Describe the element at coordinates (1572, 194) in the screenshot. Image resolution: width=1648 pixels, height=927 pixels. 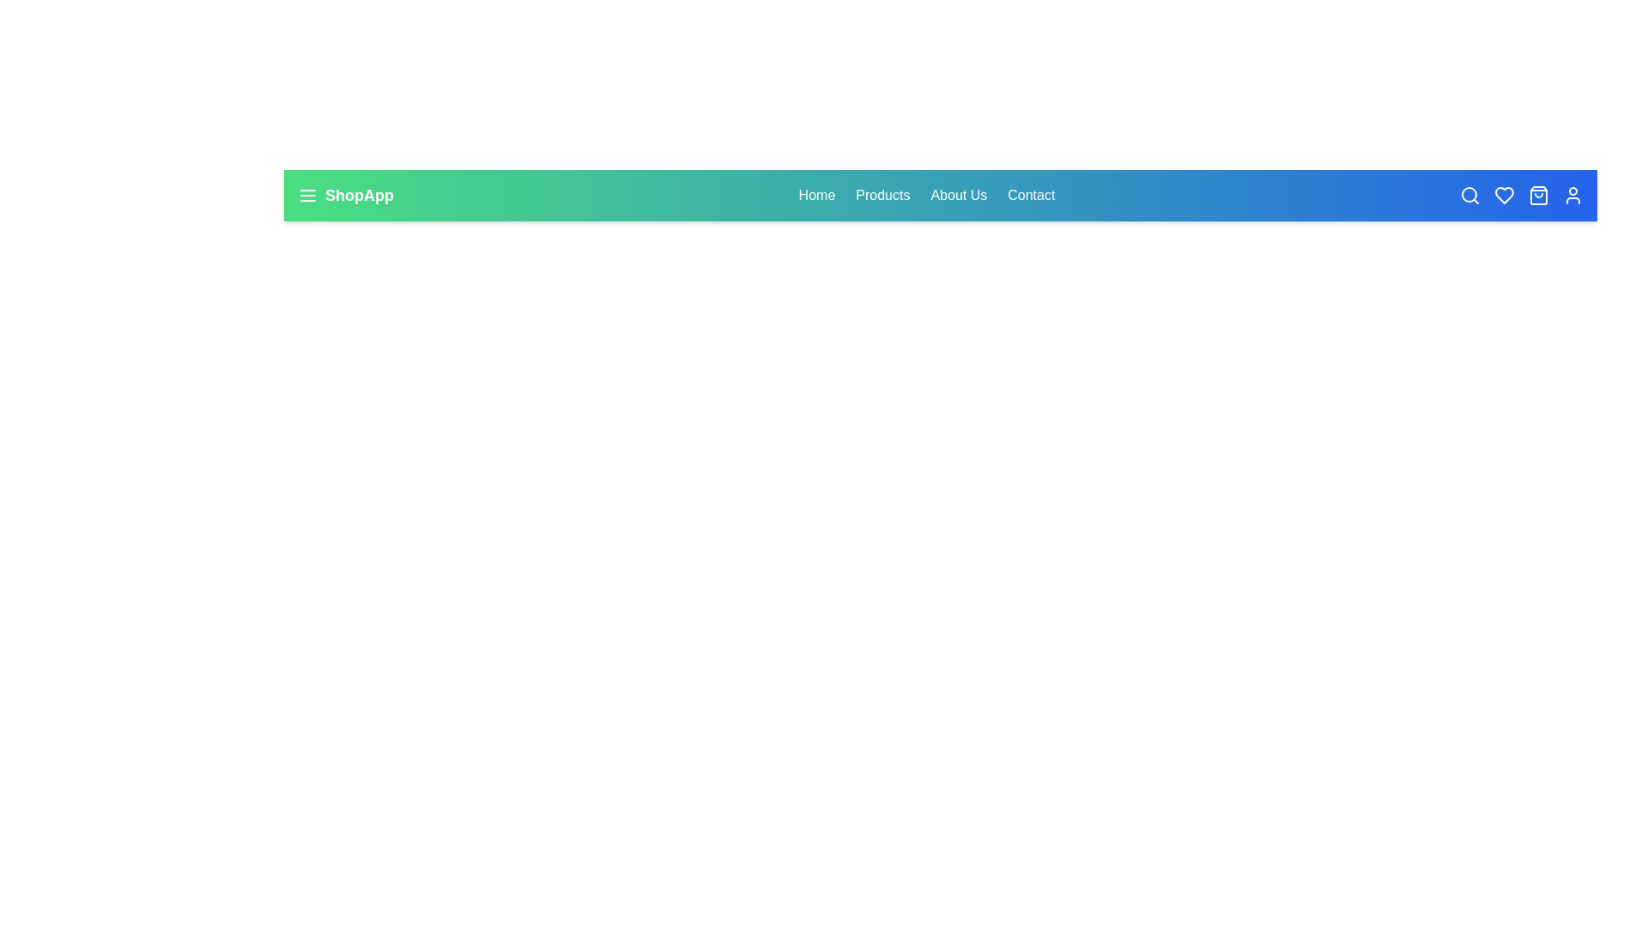
I see `the user icon in the navbar to access user account details` at that location.